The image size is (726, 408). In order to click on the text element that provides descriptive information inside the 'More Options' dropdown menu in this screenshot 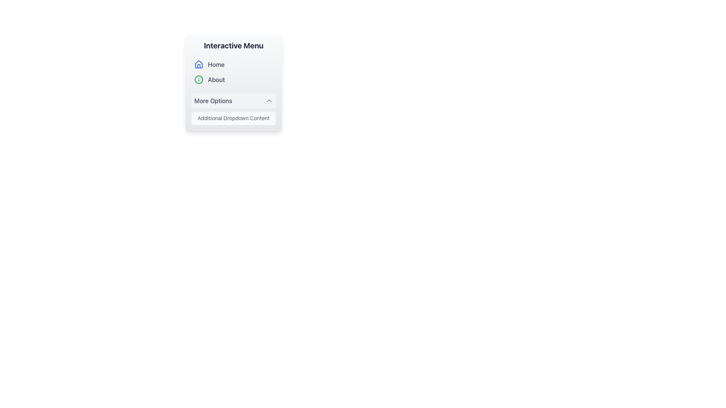, I will do `click(233, 118)`.